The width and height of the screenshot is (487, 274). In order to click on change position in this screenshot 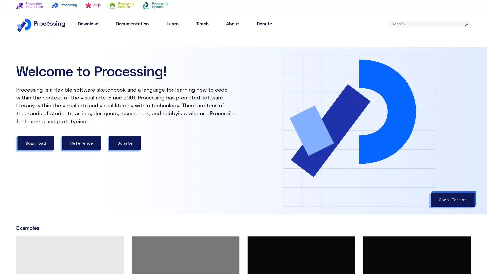, I will do `click(287, 174)`.